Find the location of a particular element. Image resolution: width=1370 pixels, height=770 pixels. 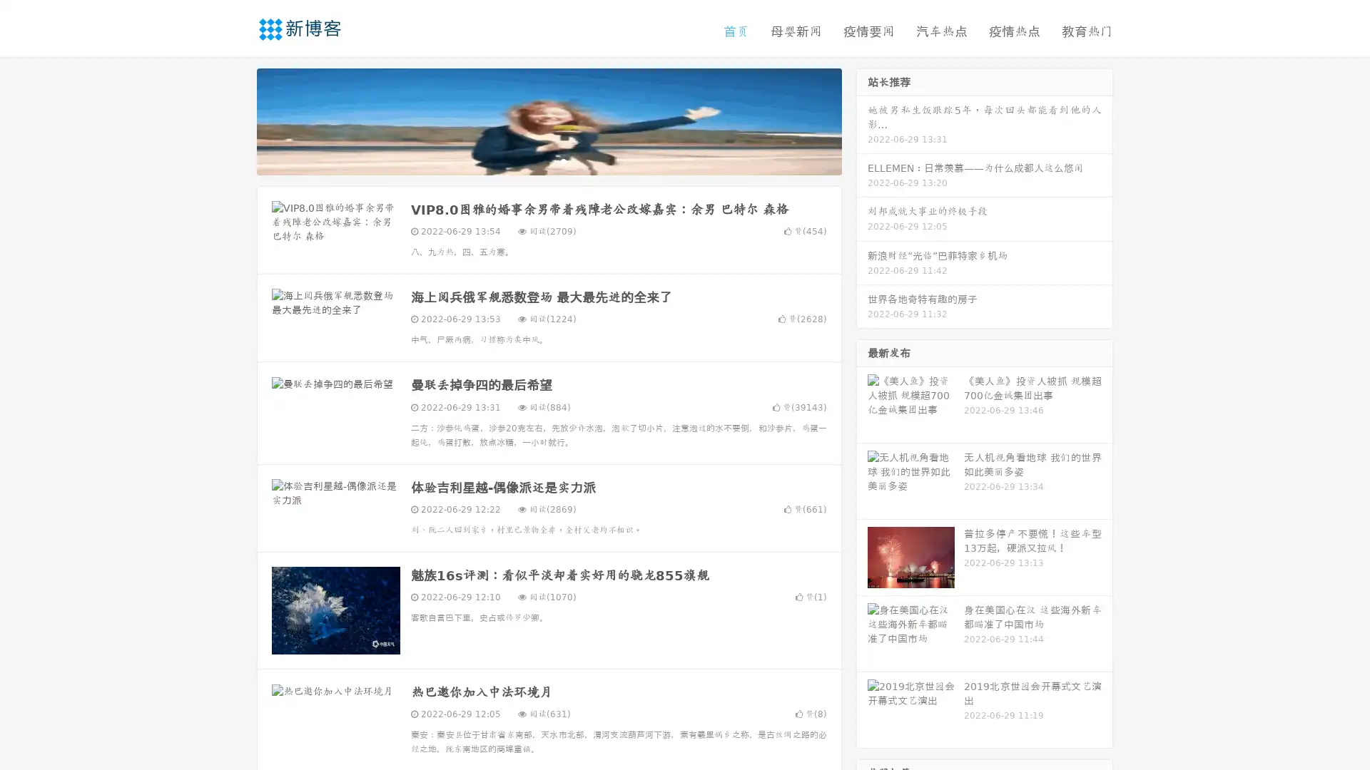

Go to slide 1 is located at coordinates (534, 160).